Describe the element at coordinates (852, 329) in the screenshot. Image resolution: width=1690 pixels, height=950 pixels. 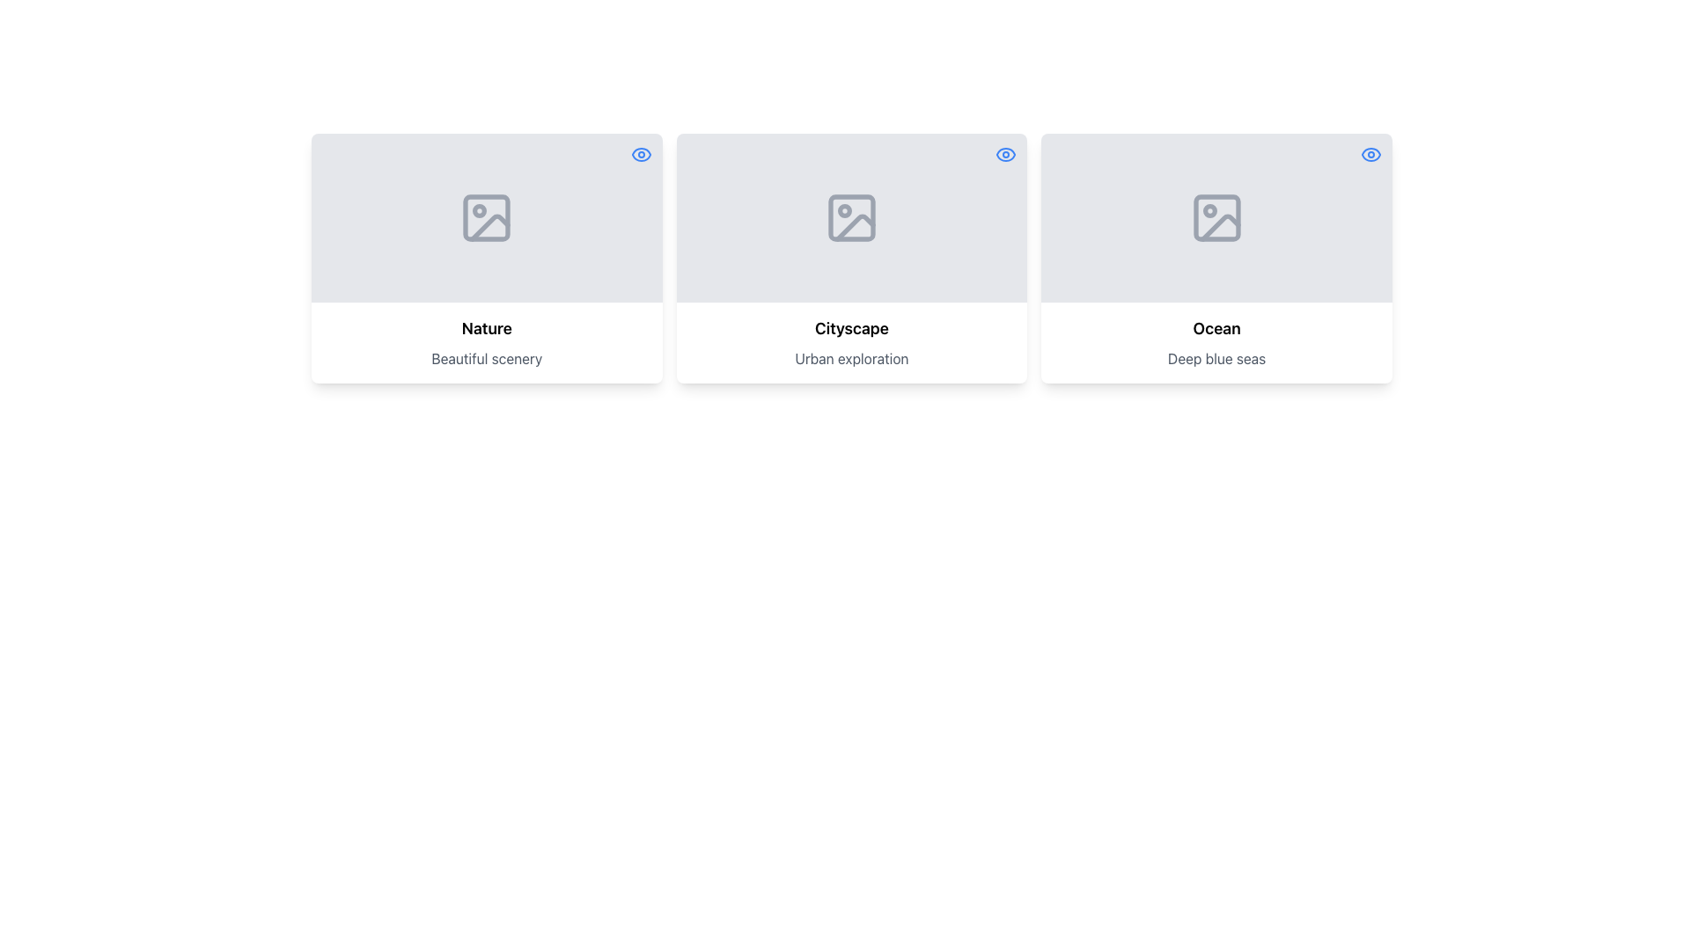
I see `the bold, black text label reading 'Cityscape' at the top of the central card in a three-card arrangement` at that location.